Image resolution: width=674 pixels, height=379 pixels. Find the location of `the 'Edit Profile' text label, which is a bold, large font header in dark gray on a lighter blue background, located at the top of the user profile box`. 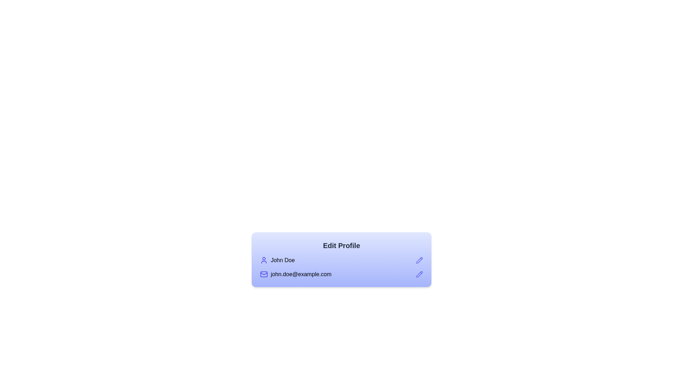

the 'Edit Profile' text label, which is a bold, large font header in dark gray on a lighter blue background, located at the top of the user profile box is located at coordinates (342, 245).